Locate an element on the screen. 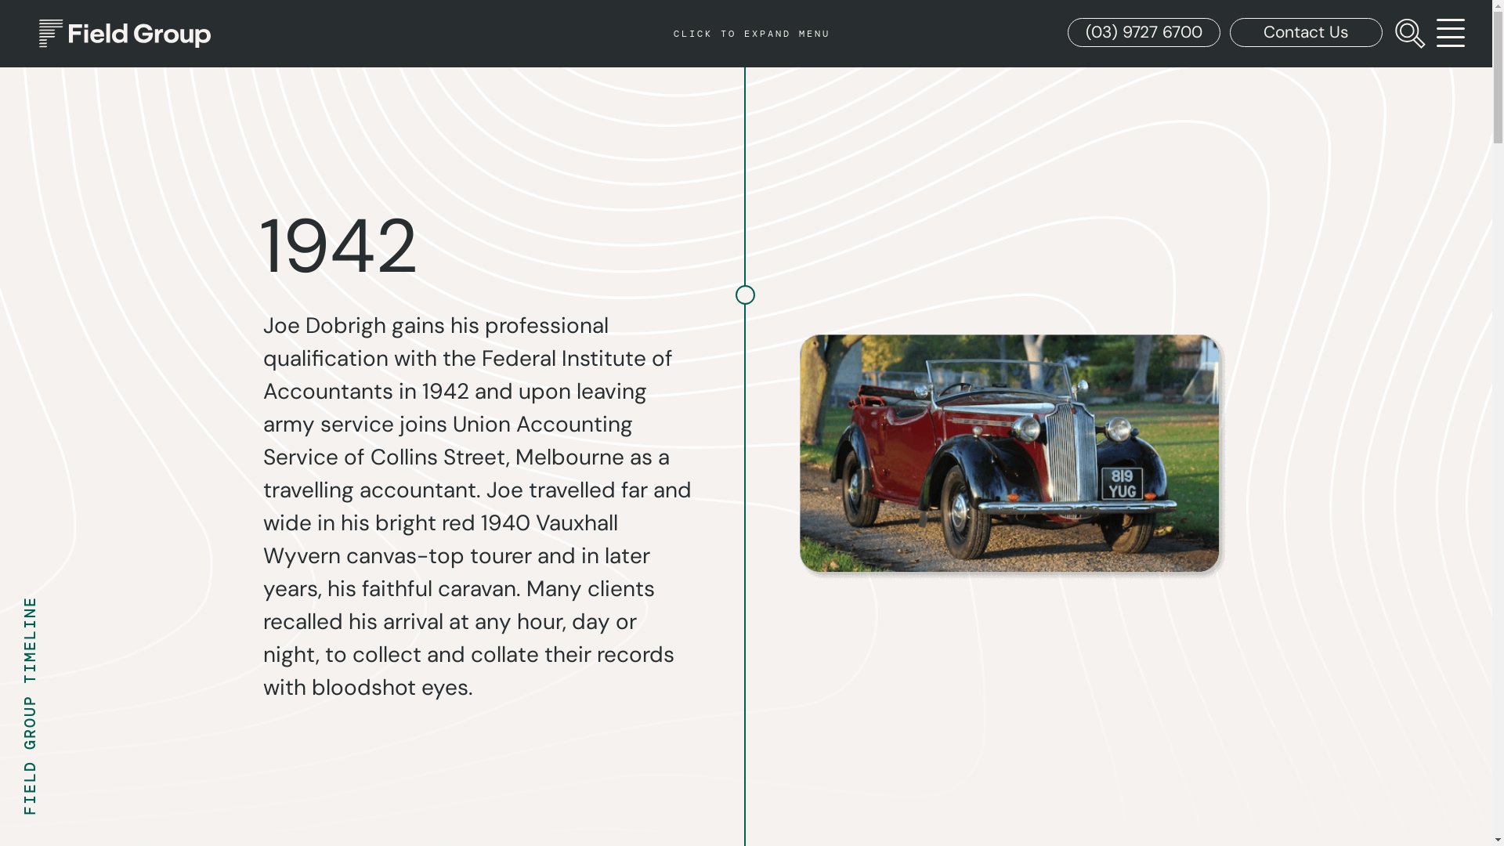  'Contact Us' is located at coordinates (1228, 33).